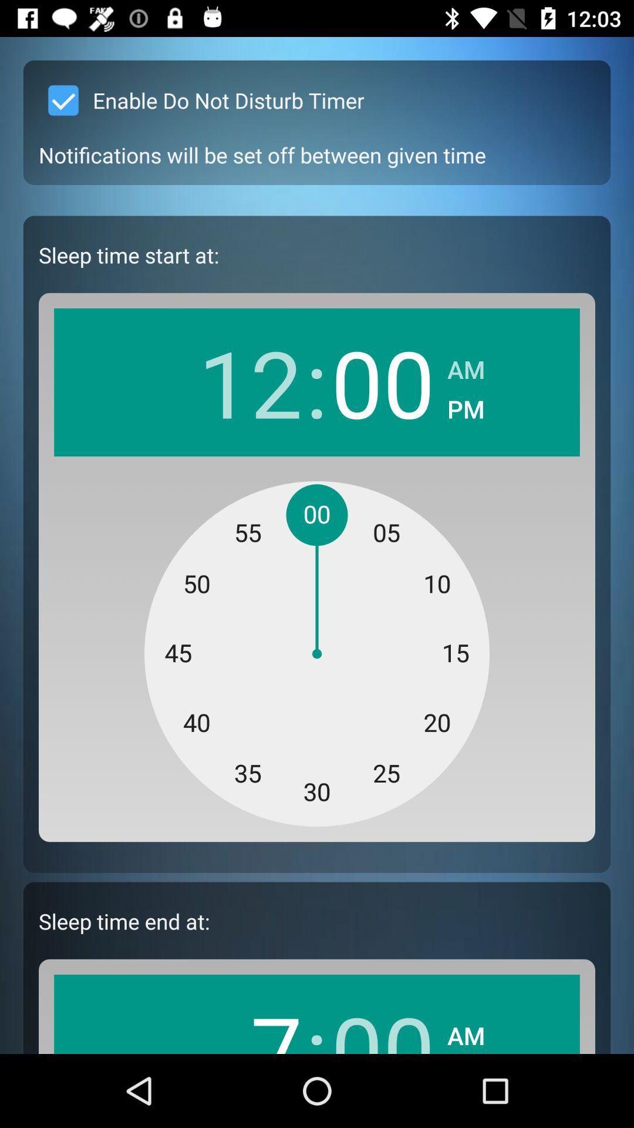 This screenshot has height=1128, width=634. I want to click on icon next to the : icon, so click(249, 1020).